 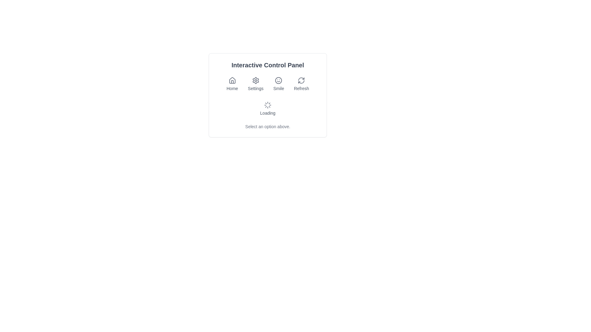 What do you see at coordinates (232, 80) in the screenshot?
I see `the 'Home' icon located on the left side of the control panel above the label 'Home'` at bounding box center [232, 80].